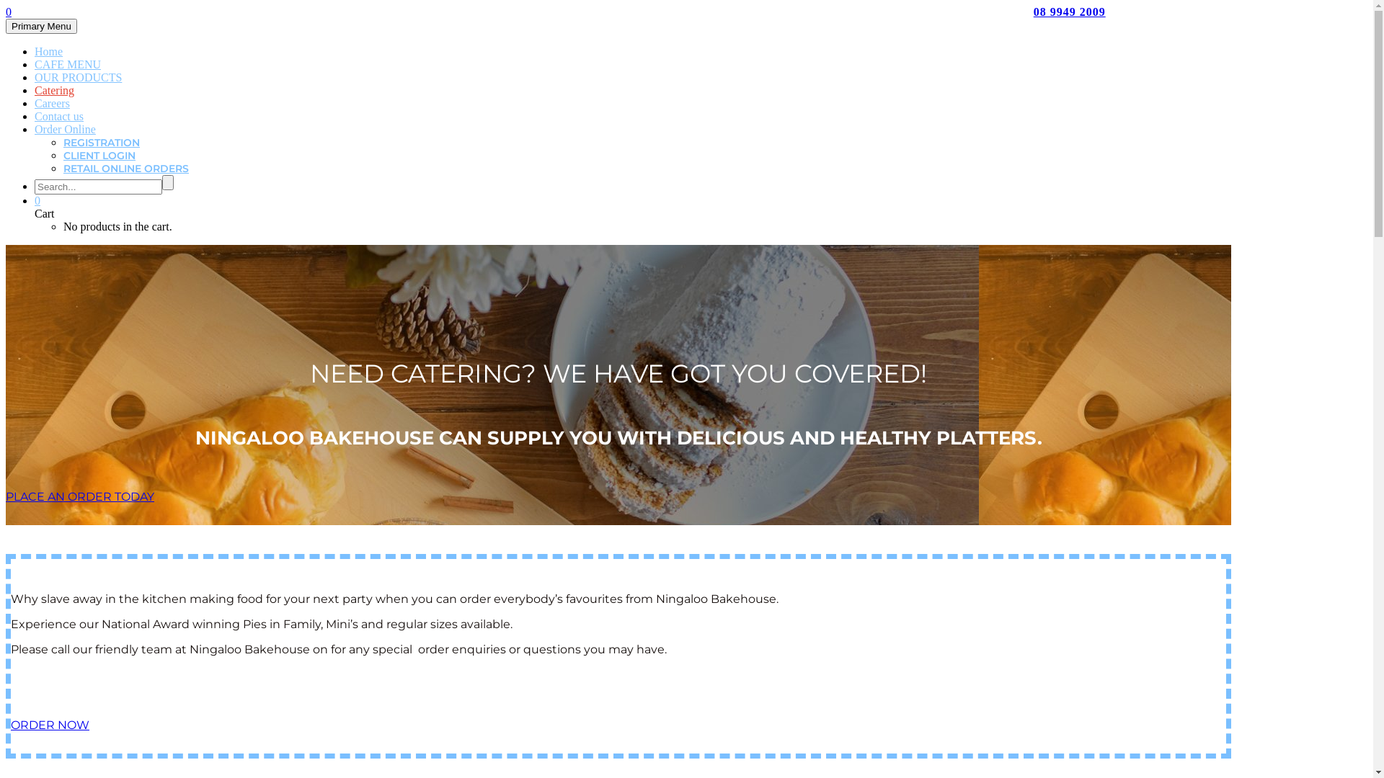  Describe the element at coordinates (64, 128) in the screenshot. I see `'Order Online'` at that location.